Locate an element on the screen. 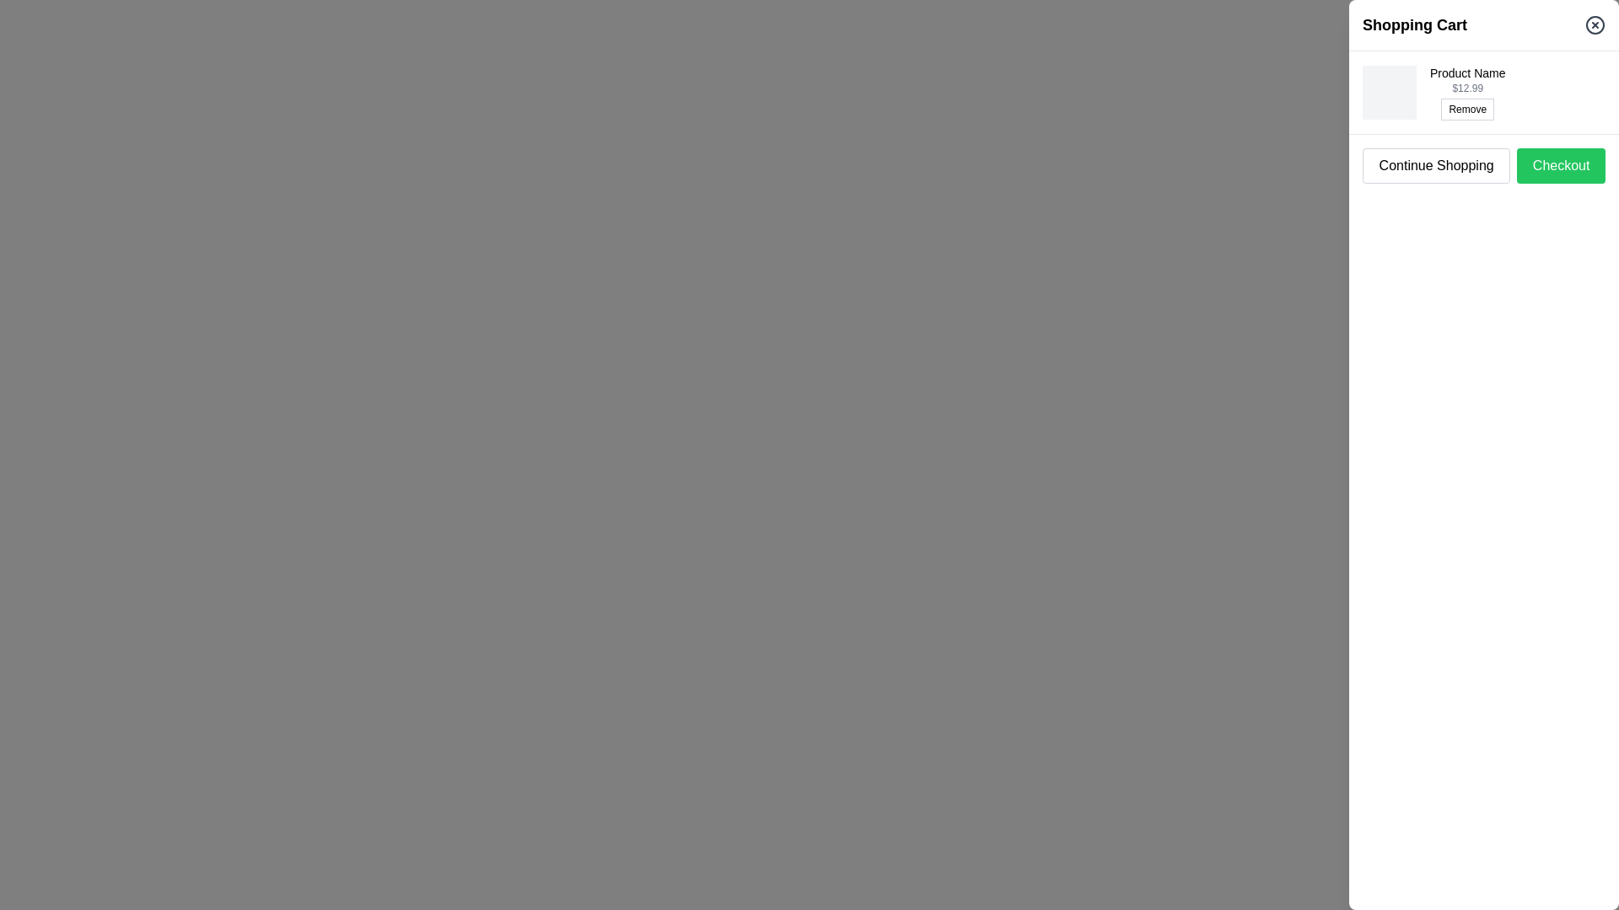  the button positioned below the price '$12.99' is located at coordinates (1466, 110).